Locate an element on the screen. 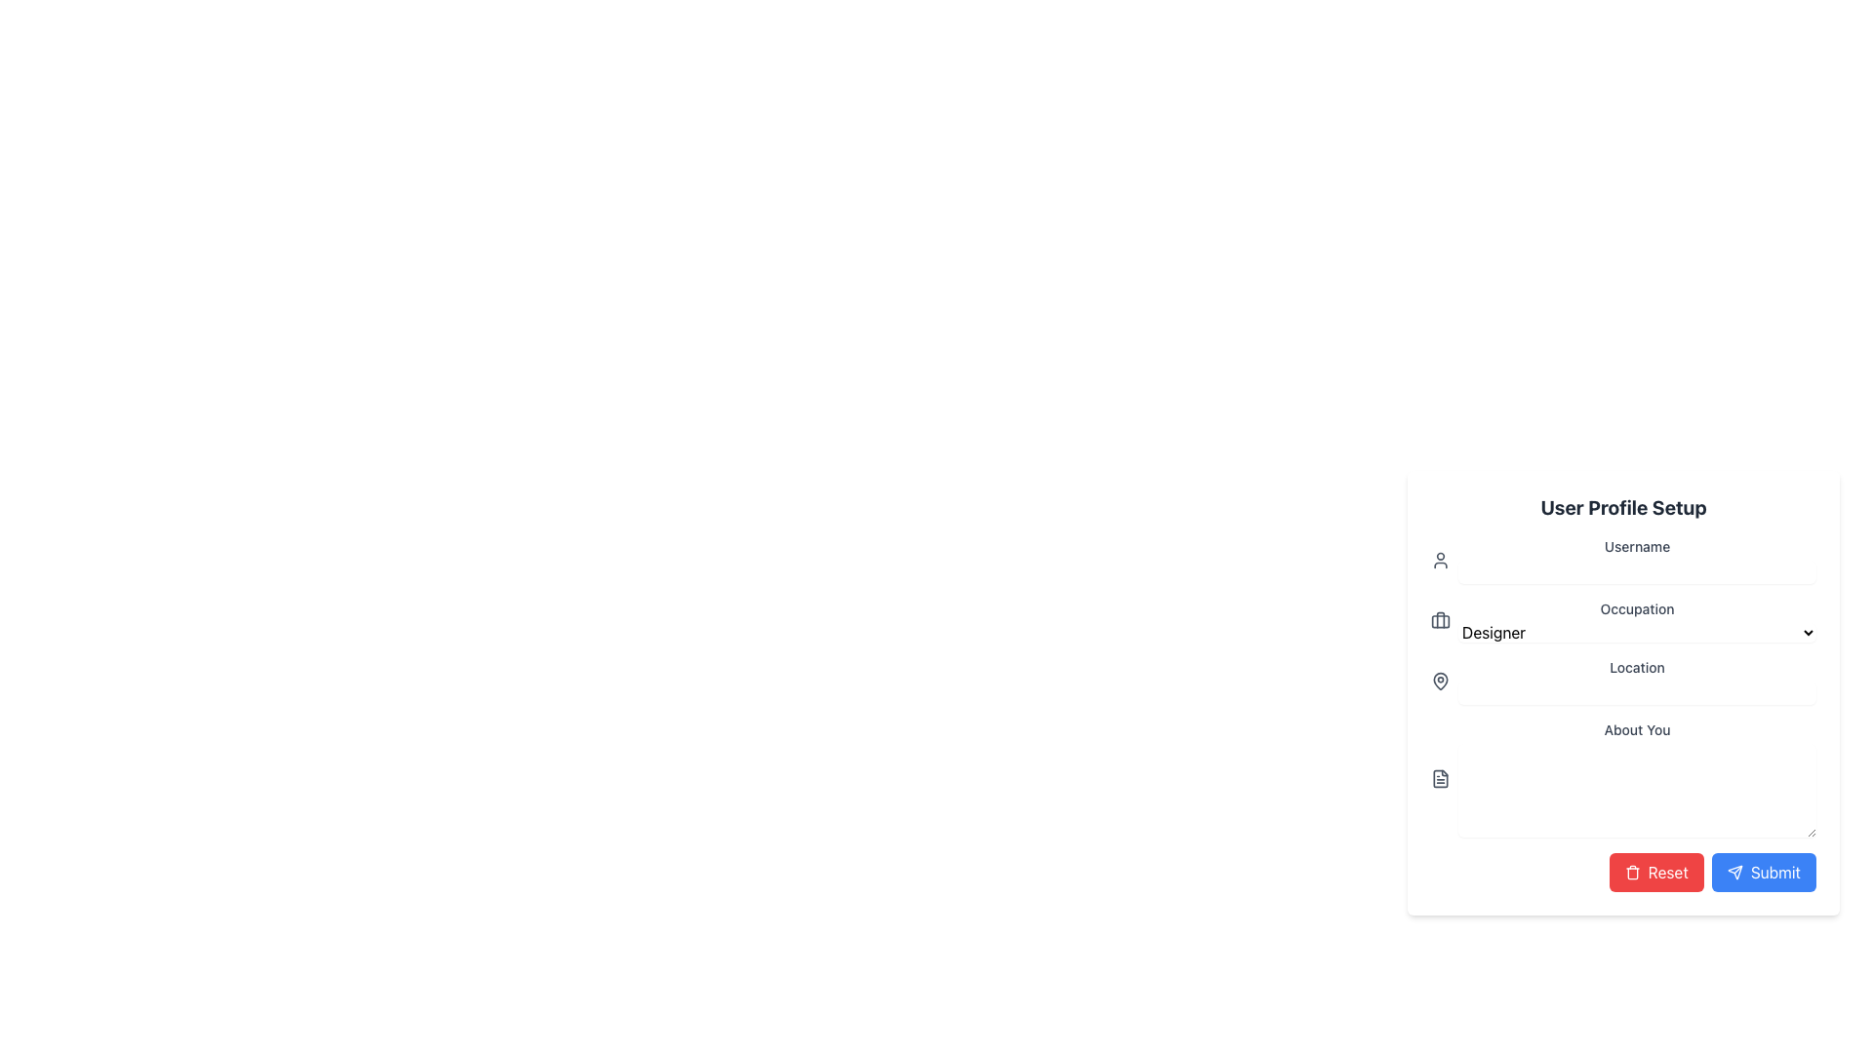  the input field related to the 'Location' section header is located at coordinates (1623, 680).